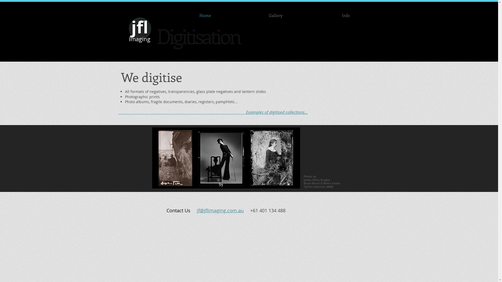  I want to click on 'Contact Us     jf@jflimaging.com.au    ', so click(208, 210).